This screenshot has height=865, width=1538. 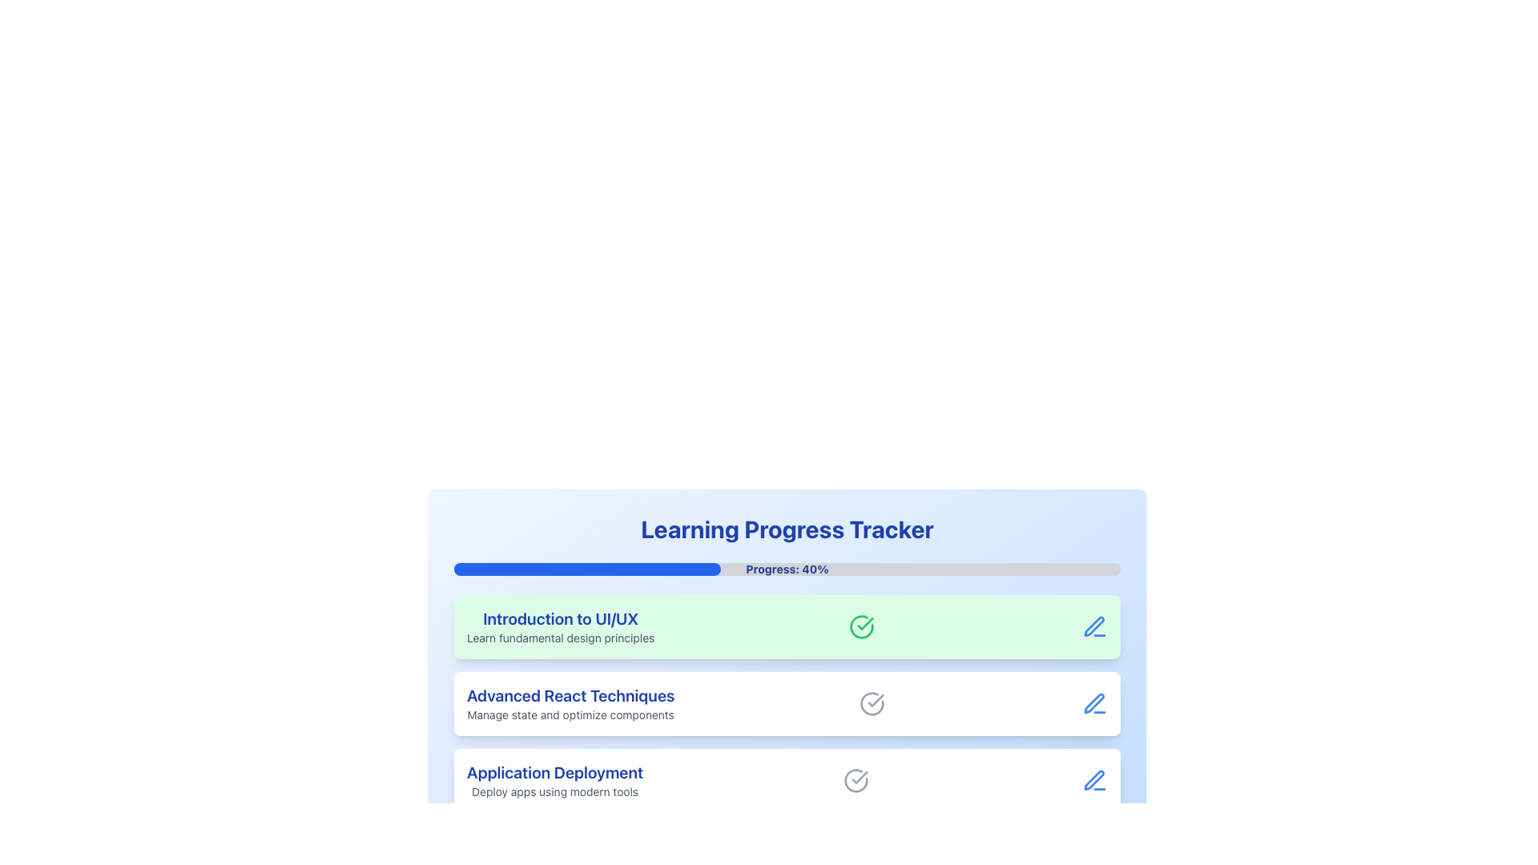 What do you see at coordinates (1094, 780) in the screenshot?
I see `the pen icon at the bottom-right corner of the 'Application Deployment' section in the Learning Progress Tracker to change its color for visual feedback` at bounding box center [1094, 780].